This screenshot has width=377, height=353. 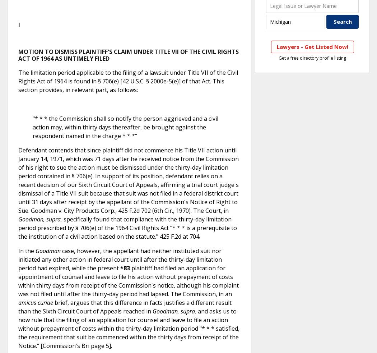 I want to click on 'case, however, the appellant had neither instituted suit nor initiated any other action in federal court until after the thirty-day limitation period had expired, while the present', so click(x=120, y=258).